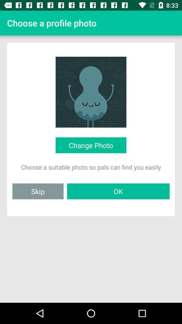  I want to click on icon next to the ok, so click(38, 191).